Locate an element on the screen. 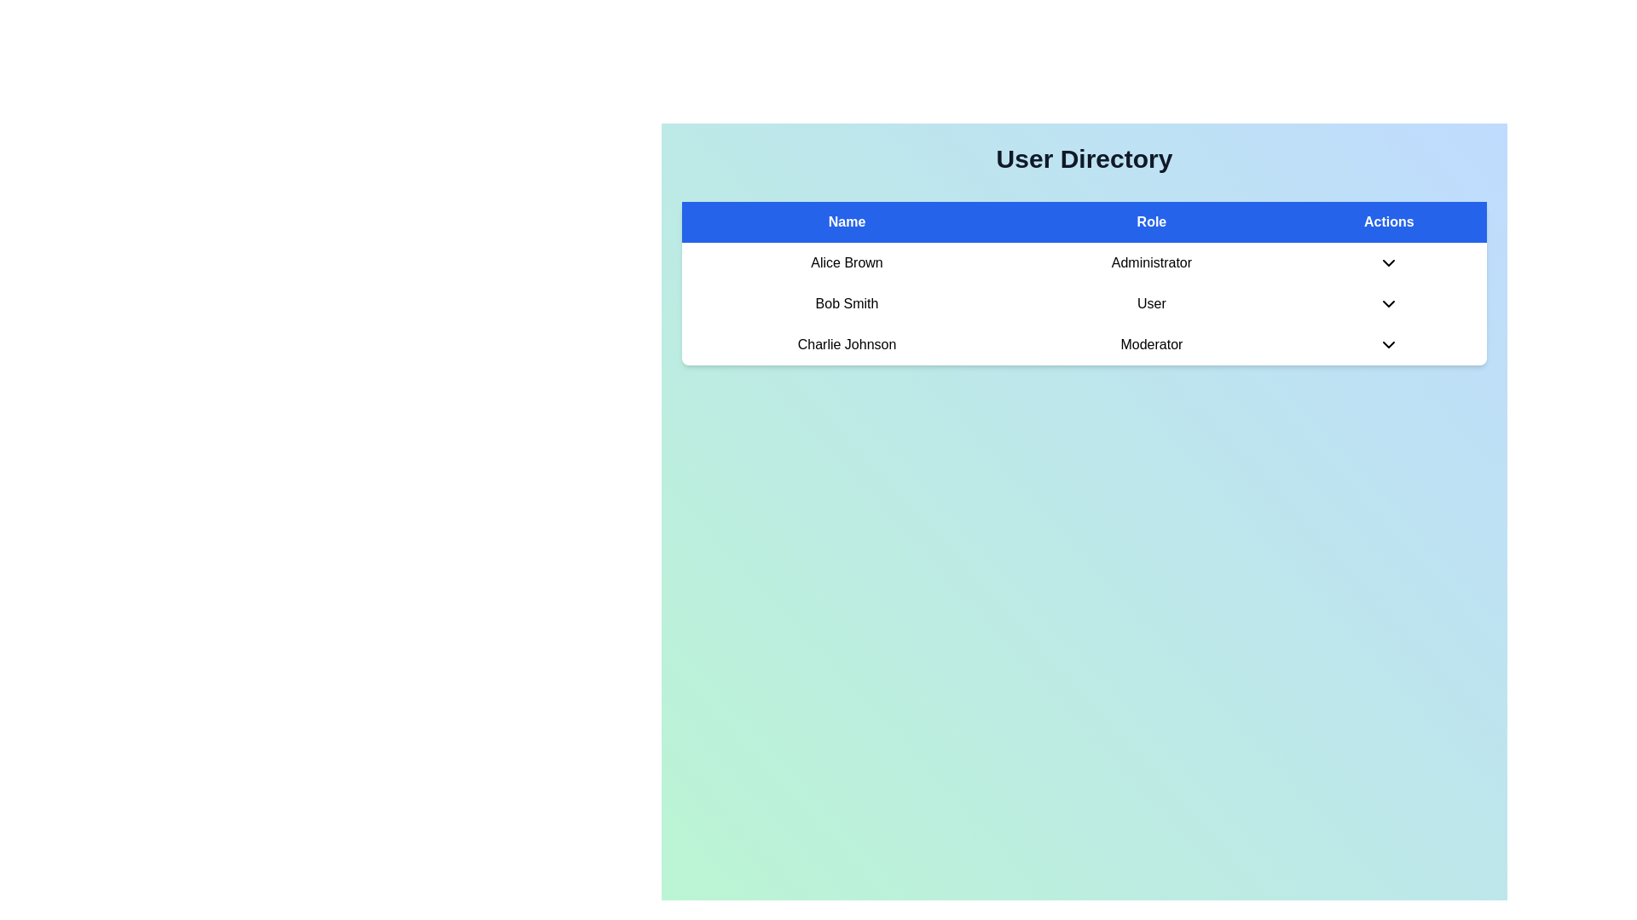 Image resolution: width=1637 pixels, height=920 pixels. the Text Label displaying 'Moderator' located in the Role column of the table, positioned in the second cell of the third row, adjacent to 'Charlie Johnson' and a downward-pointing icon is located at coordinates (1151, 345).